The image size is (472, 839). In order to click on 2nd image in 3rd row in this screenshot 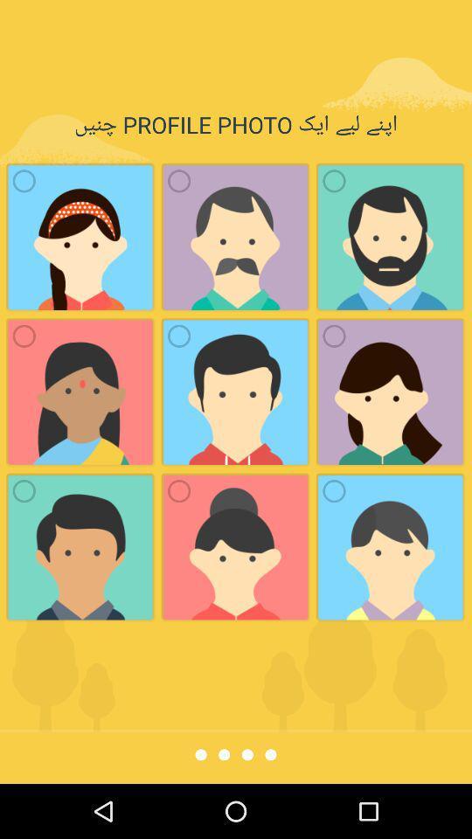, I will do `click(236, 546)`.